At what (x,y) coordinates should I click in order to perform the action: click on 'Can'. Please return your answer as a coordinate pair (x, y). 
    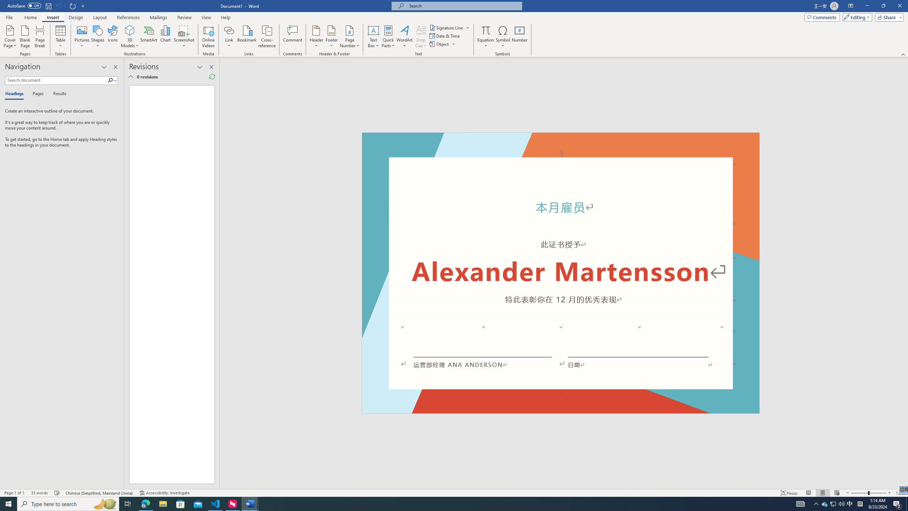
    Looking at the image, I should click on (60, 5).